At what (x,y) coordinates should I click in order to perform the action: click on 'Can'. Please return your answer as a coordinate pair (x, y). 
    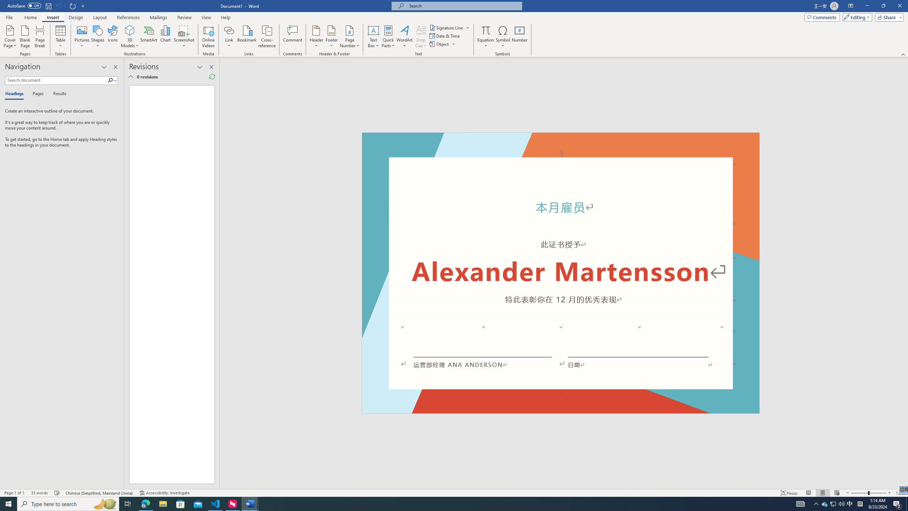
    Looking at the image, I should click on (60, 5).